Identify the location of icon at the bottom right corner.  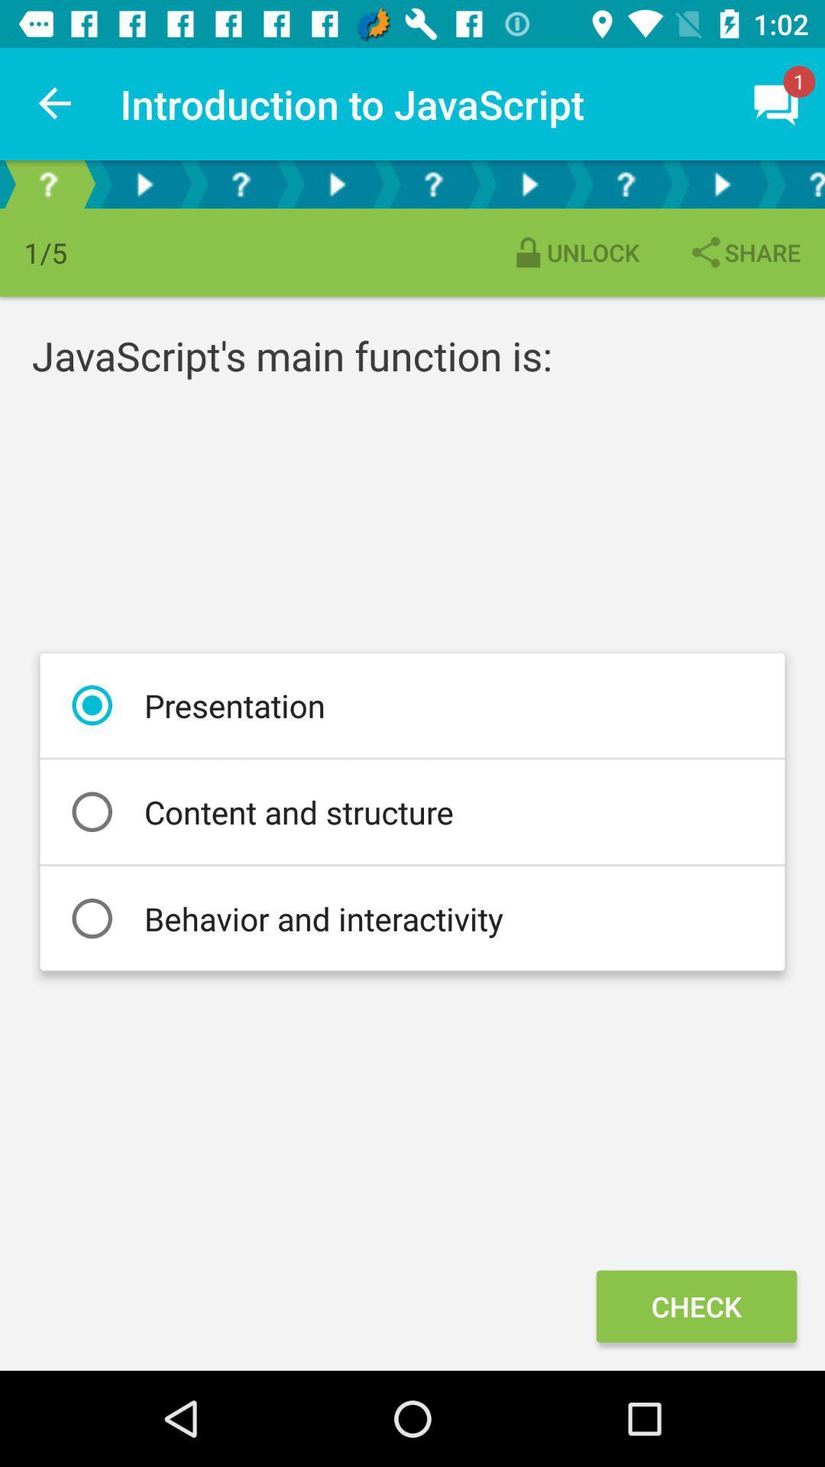
(696, 1305).